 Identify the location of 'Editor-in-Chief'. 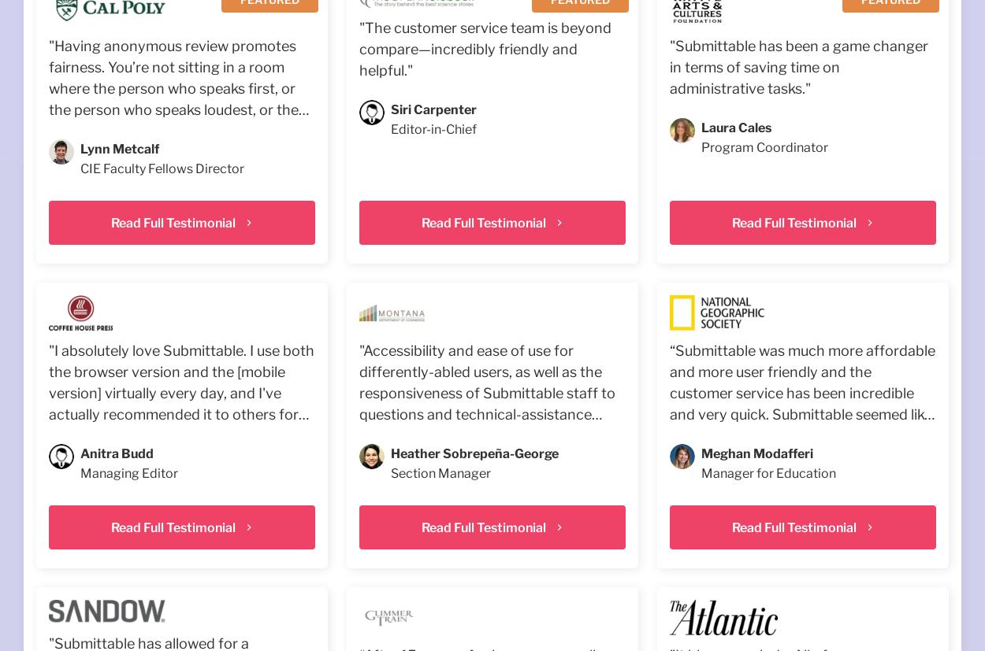
(433, 128).